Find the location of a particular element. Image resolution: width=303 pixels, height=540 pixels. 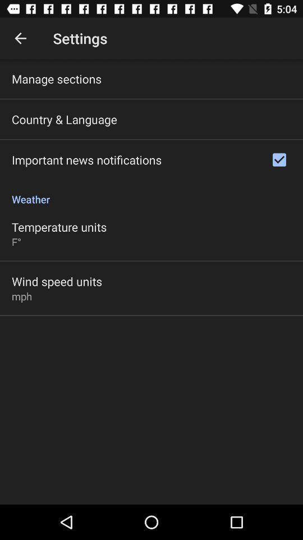

the item below the temperature units item is located at coordinates (16, 242).